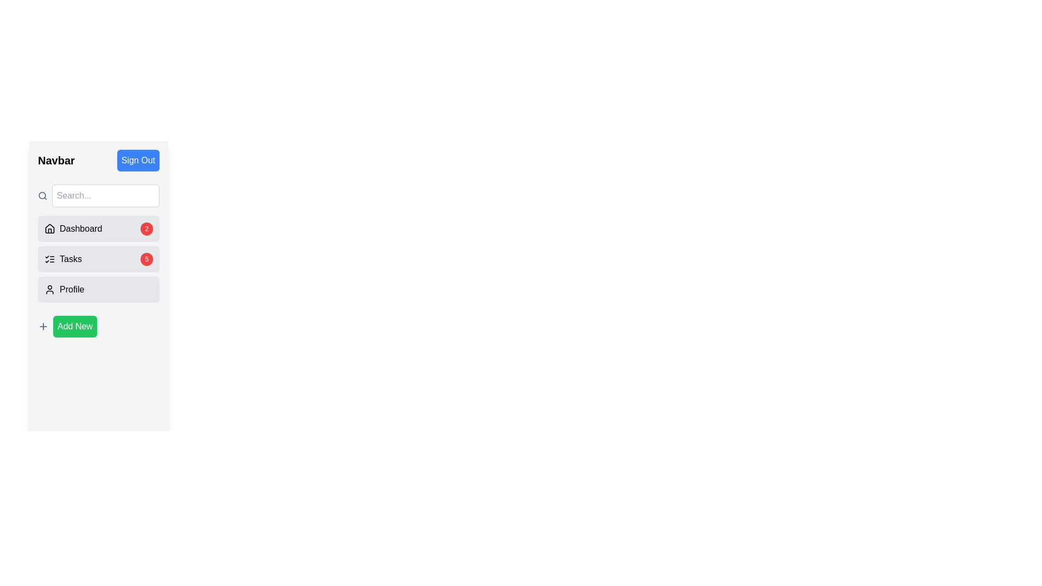 The height and width of the screenshot is (586, 1042). Describe the element at coordinates (80, 228) in the screenshot. I see `text from the 'Dashboard' label, which is a static text element positioned in the first item of the navigation menu on the left side of the interface, next to a house-shaped icon` at that location.